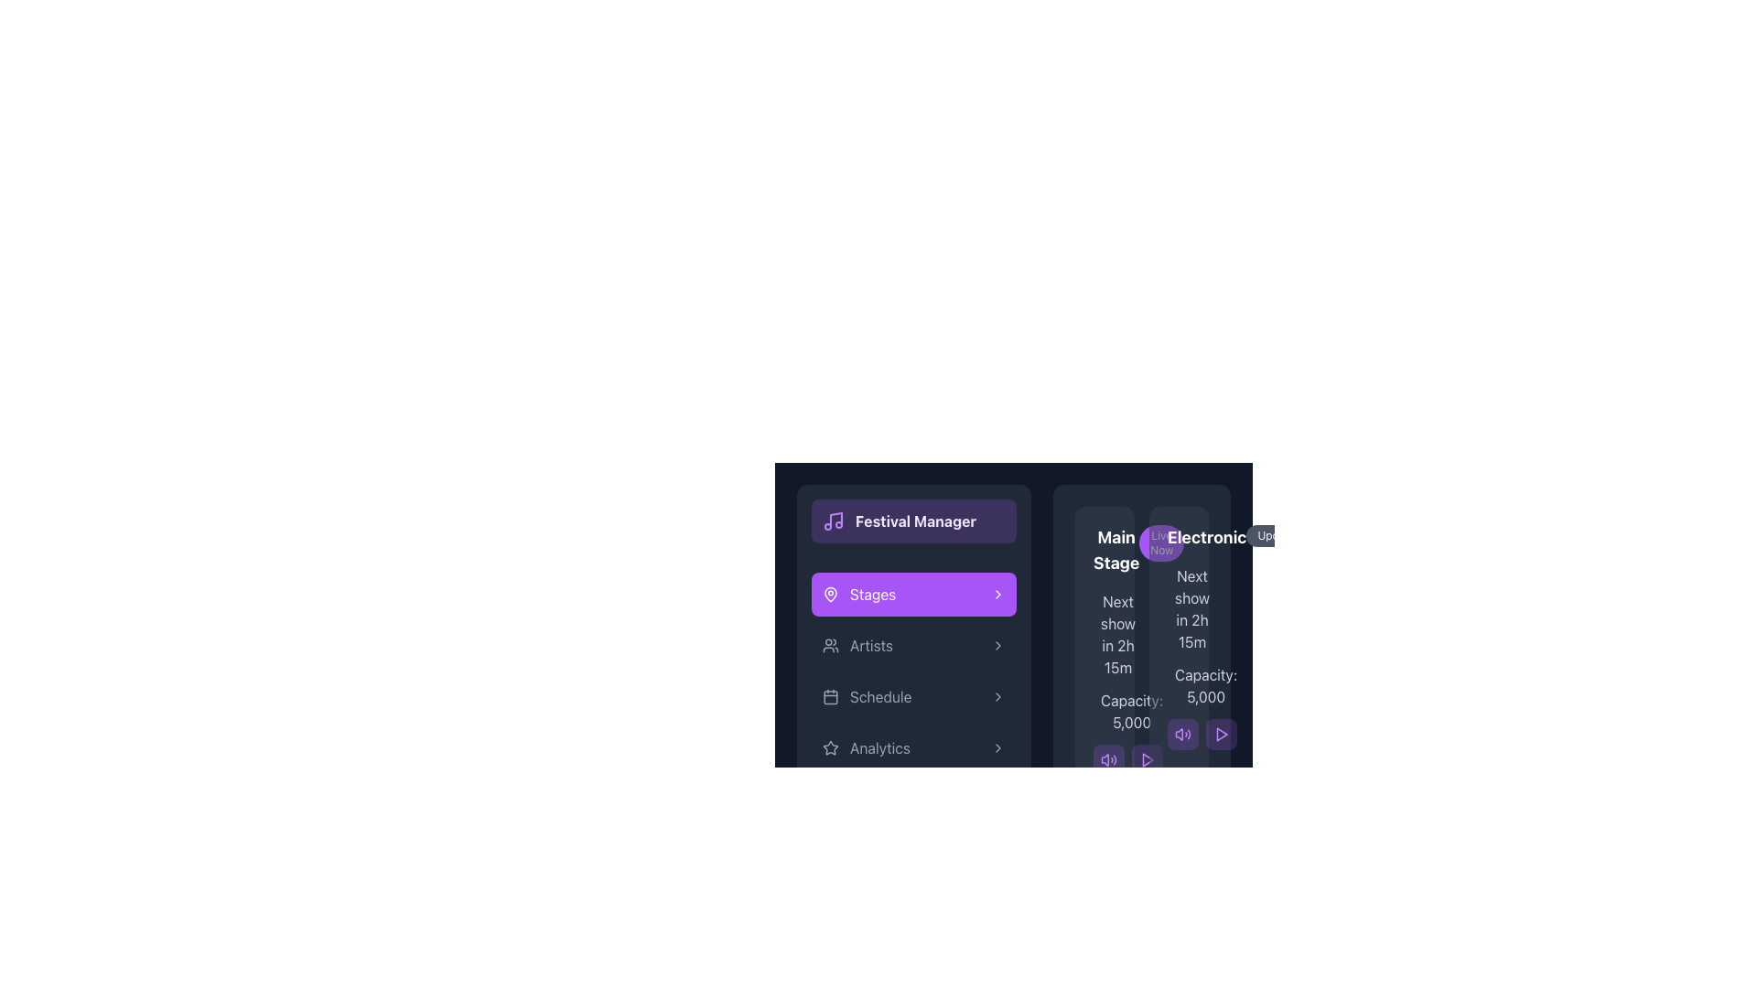 This screenshot has height=988, width=1757. I want to click on the Text Label that informs the user about the stage's capacity, which is centrally aligned below the 'Next show in 2h 15m' text within the 'Electronic' card, so click(1131, 711).